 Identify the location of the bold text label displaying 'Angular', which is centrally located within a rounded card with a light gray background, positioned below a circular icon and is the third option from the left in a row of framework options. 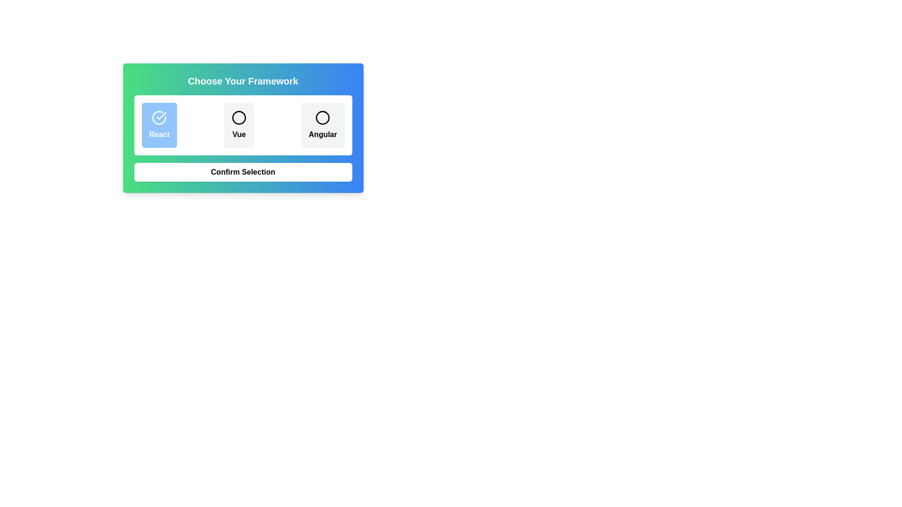
(323, 134).